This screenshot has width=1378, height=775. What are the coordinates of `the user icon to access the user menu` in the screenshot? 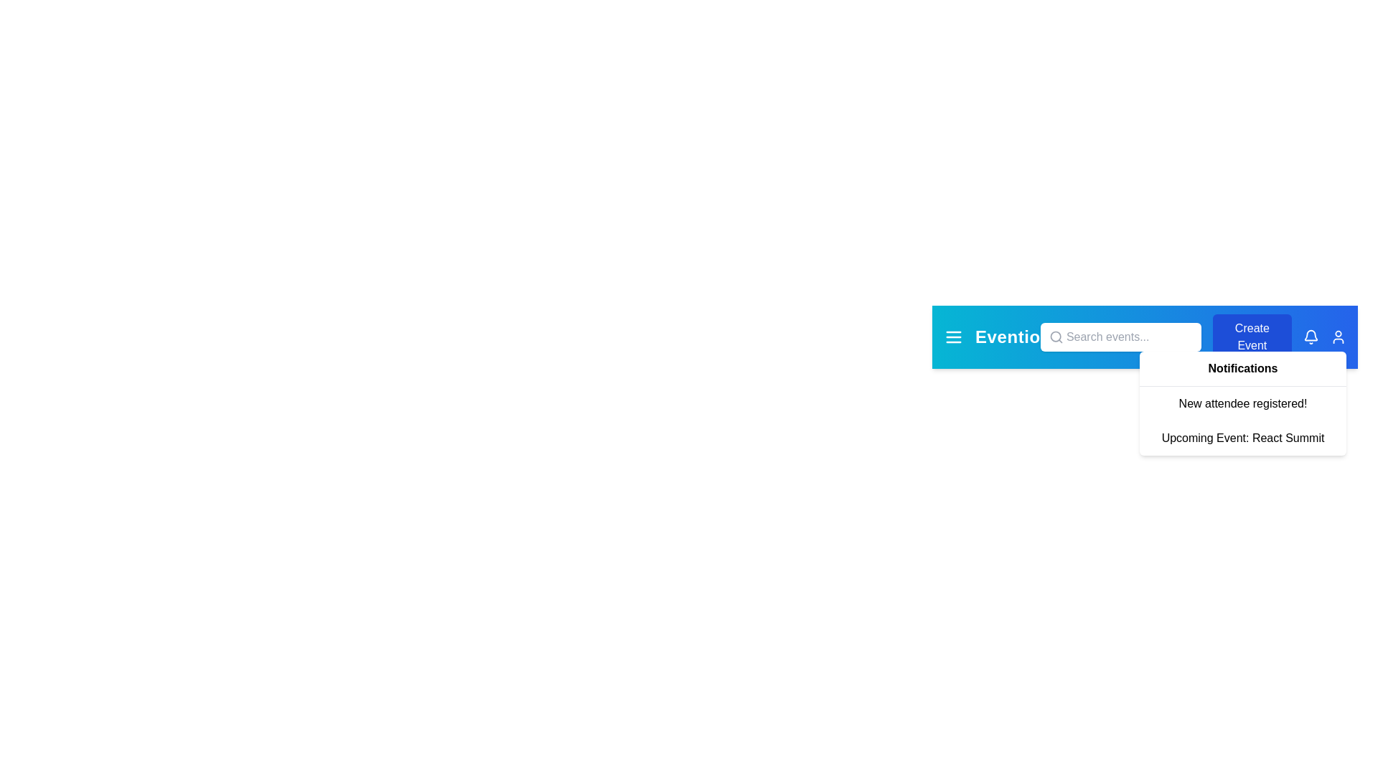 It's located at (1337, 337).